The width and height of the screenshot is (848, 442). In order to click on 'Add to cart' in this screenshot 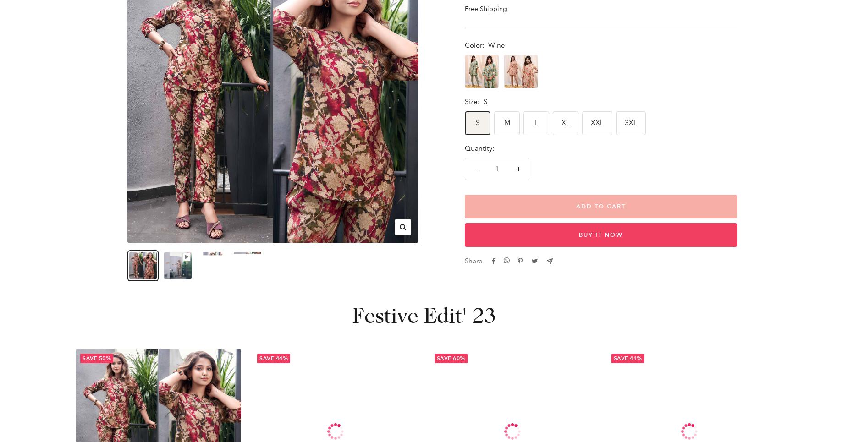, I will do `click(600, 206)`.